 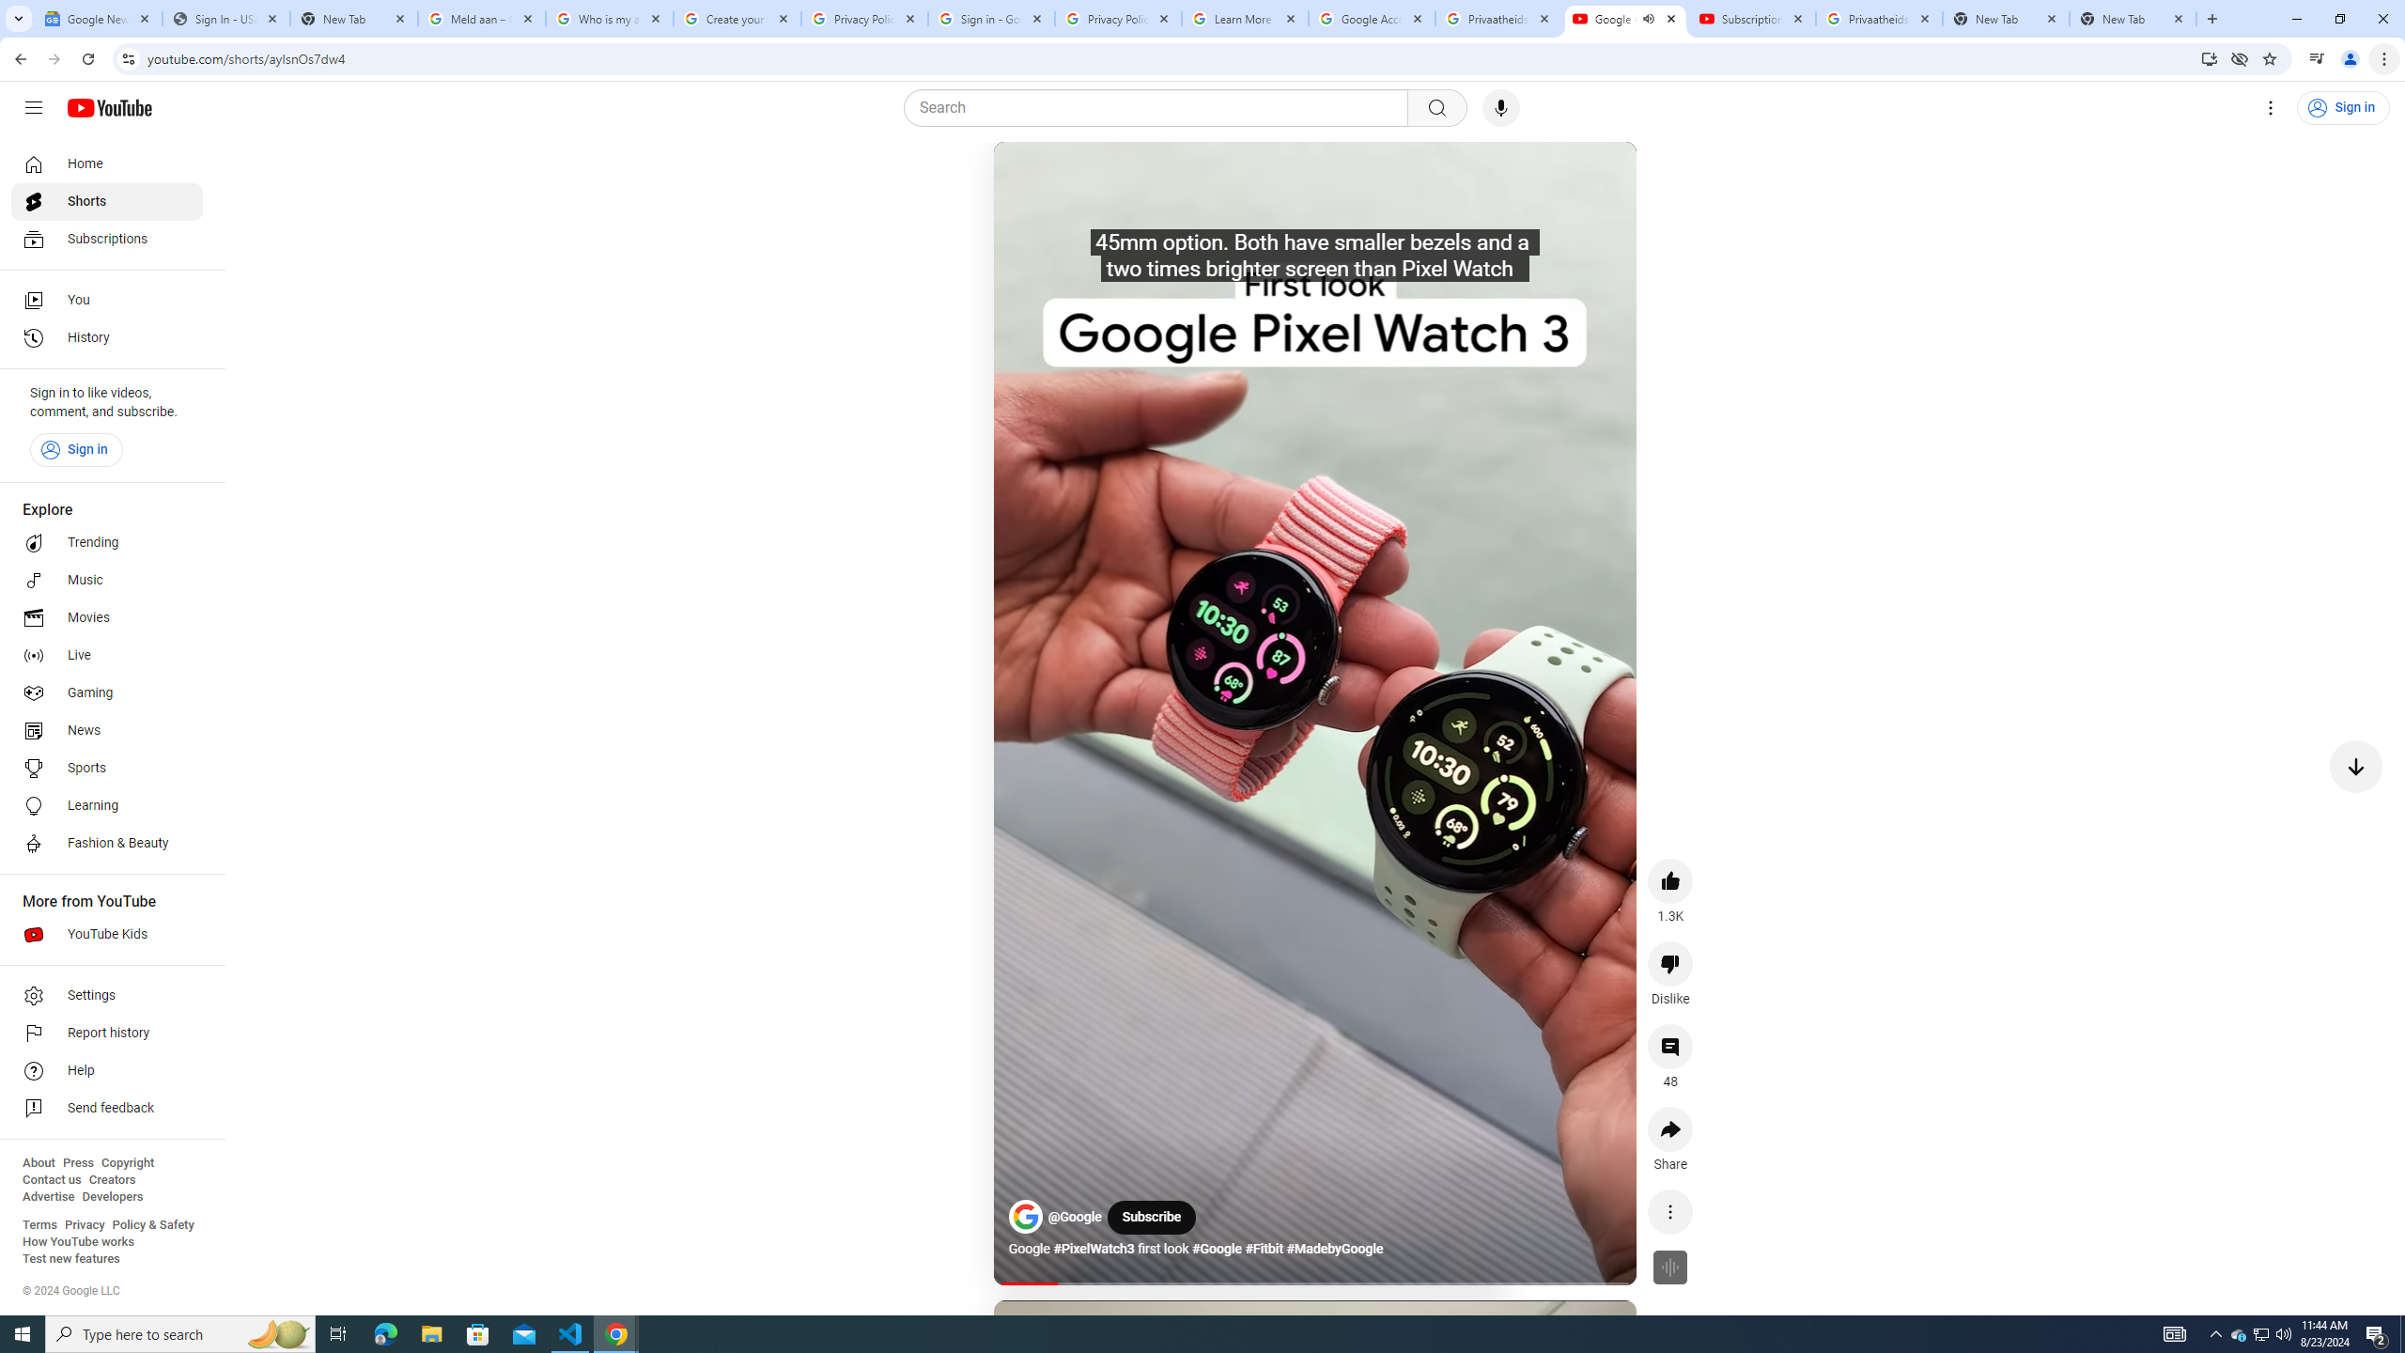 I want to click on '#MadebyGoogle', so click(x=1333, y=1249).